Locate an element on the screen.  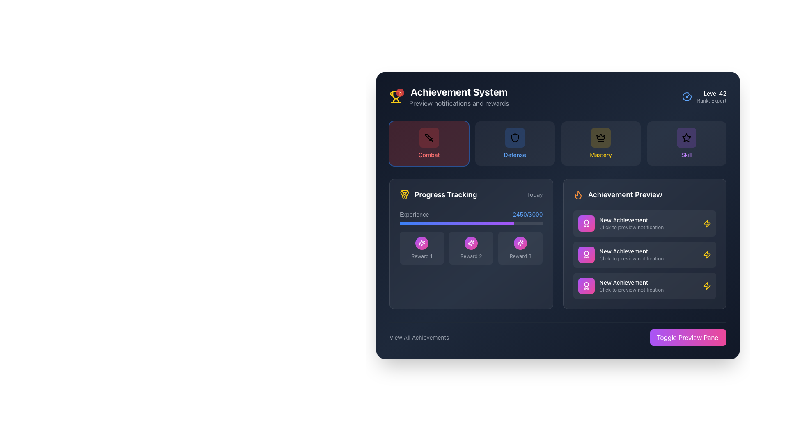
the text label displaying 'Rank: Expert', which is styled in a small gray font and located beneath the 'Level 42' text in the top-right region of the interface is located at coordinates (711, 100).